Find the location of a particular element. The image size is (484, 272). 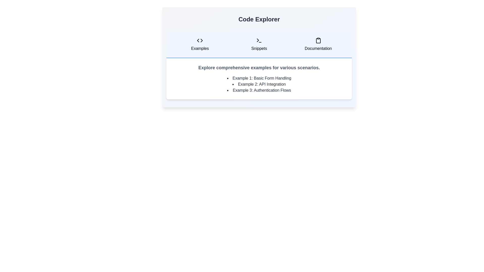

the 'Snippets' tab in the navigation tab control for visual feedback is located at coordinates (259, 44).